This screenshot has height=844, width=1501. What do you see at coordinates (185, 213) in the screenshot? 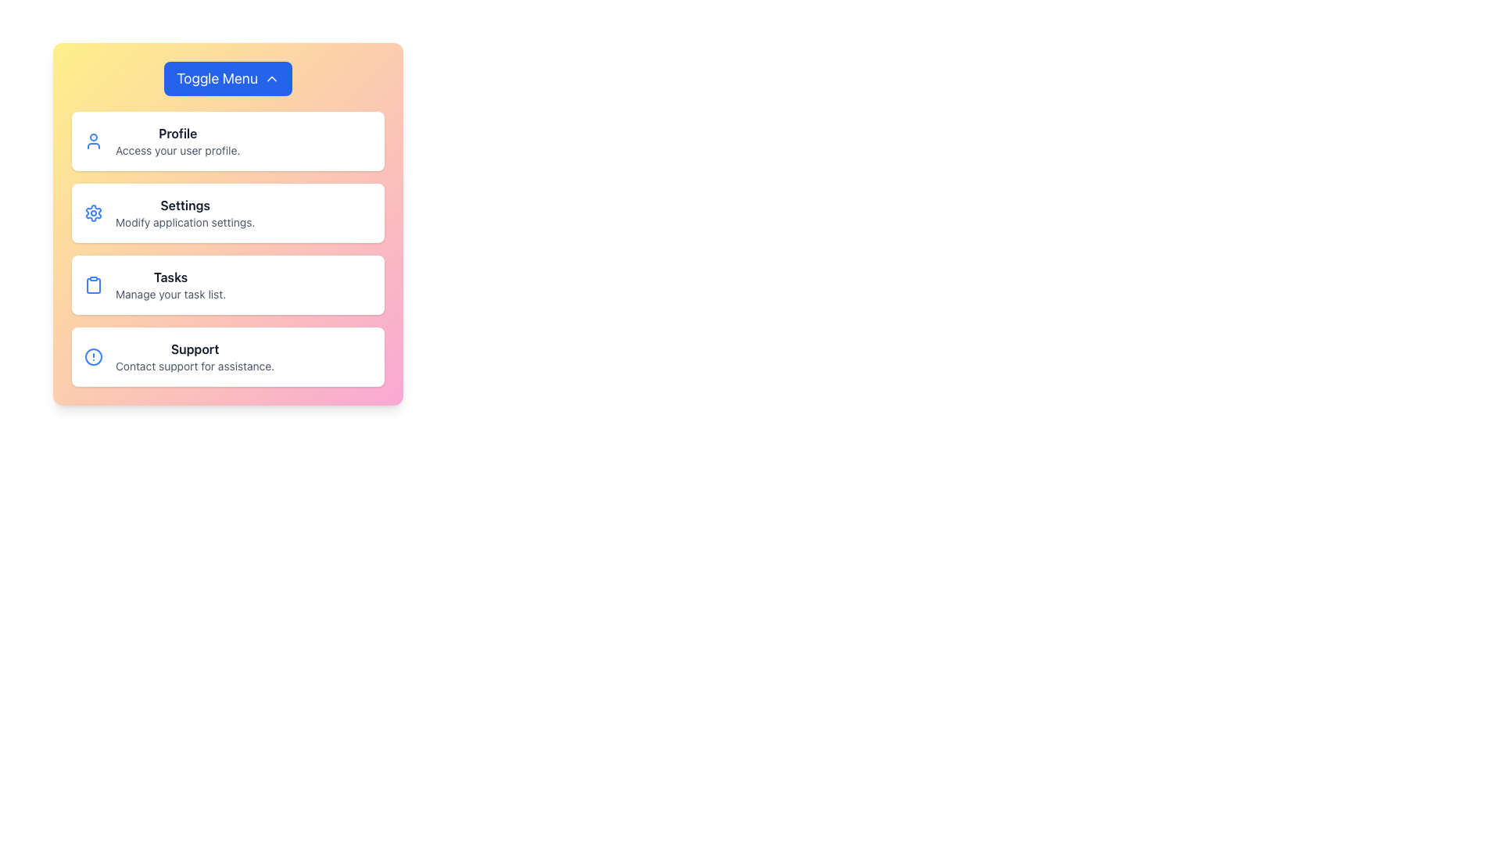
I see `the text block that displays the title and description for modifying application settings, located as the second item in a vertical list, below 'Profile' and above 'Tasks'` at bounding box center [185, 213].